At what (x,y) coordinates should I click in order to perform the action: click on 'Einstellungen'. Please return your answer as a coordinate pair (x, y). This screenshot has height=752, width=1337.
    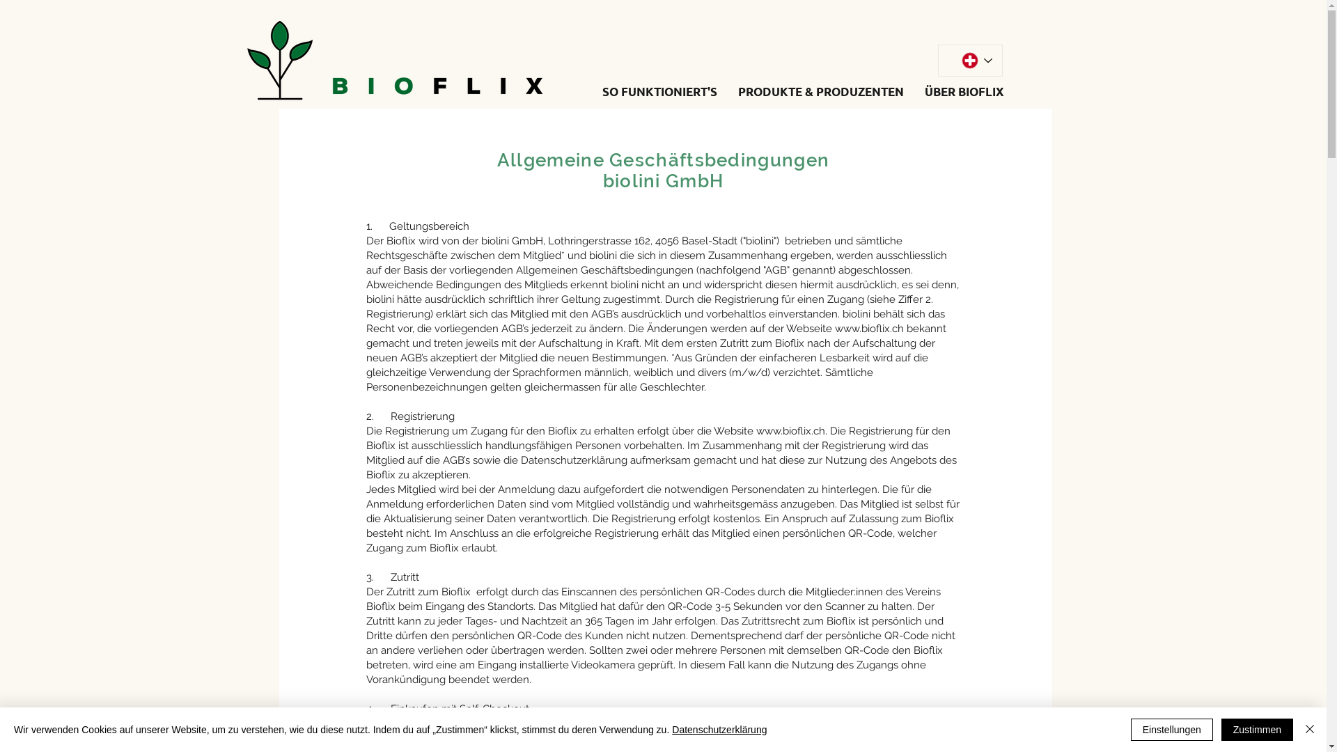
    Looking at the image, I should click on (1171, 729).